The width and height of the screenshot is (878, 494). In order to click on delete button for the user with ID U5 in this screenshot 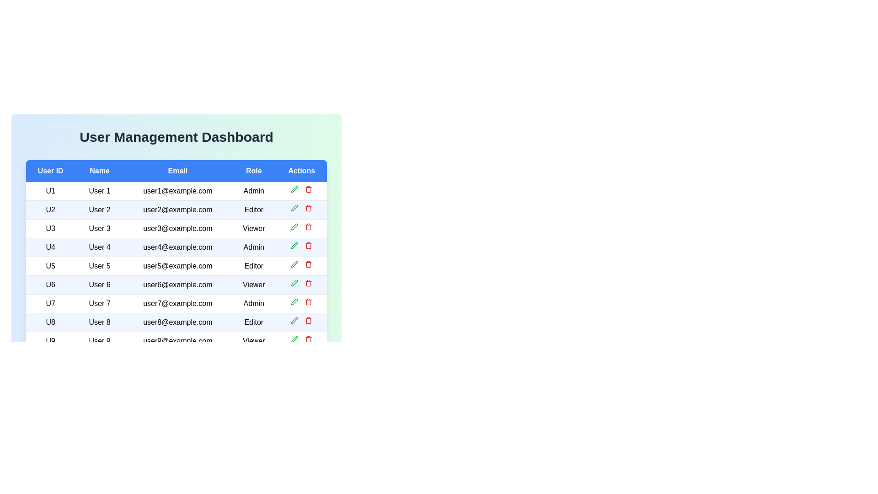, I will do `click(309, 264)`.